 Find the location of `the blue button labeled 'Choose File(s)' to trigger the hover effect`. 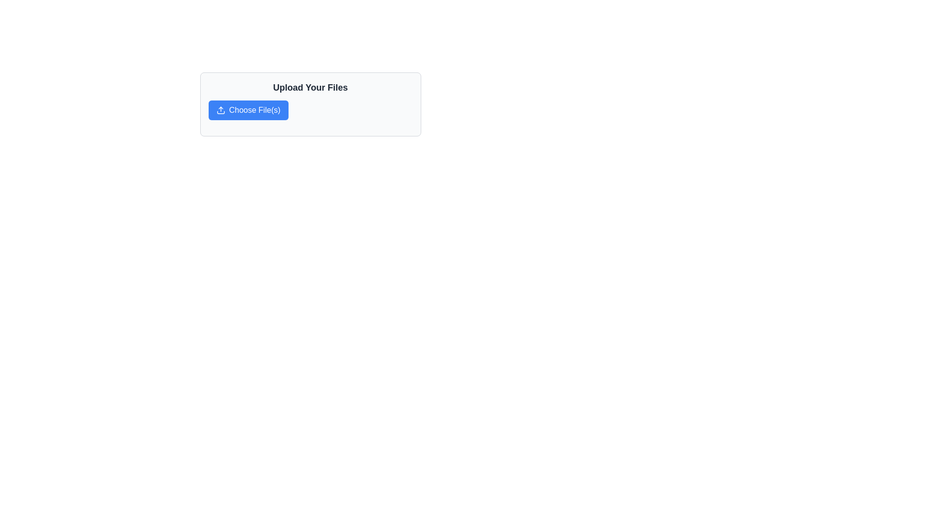

the blue button labeled 'Choose File(s)' to trigger the hover effect is located at coordinates (248, 110).